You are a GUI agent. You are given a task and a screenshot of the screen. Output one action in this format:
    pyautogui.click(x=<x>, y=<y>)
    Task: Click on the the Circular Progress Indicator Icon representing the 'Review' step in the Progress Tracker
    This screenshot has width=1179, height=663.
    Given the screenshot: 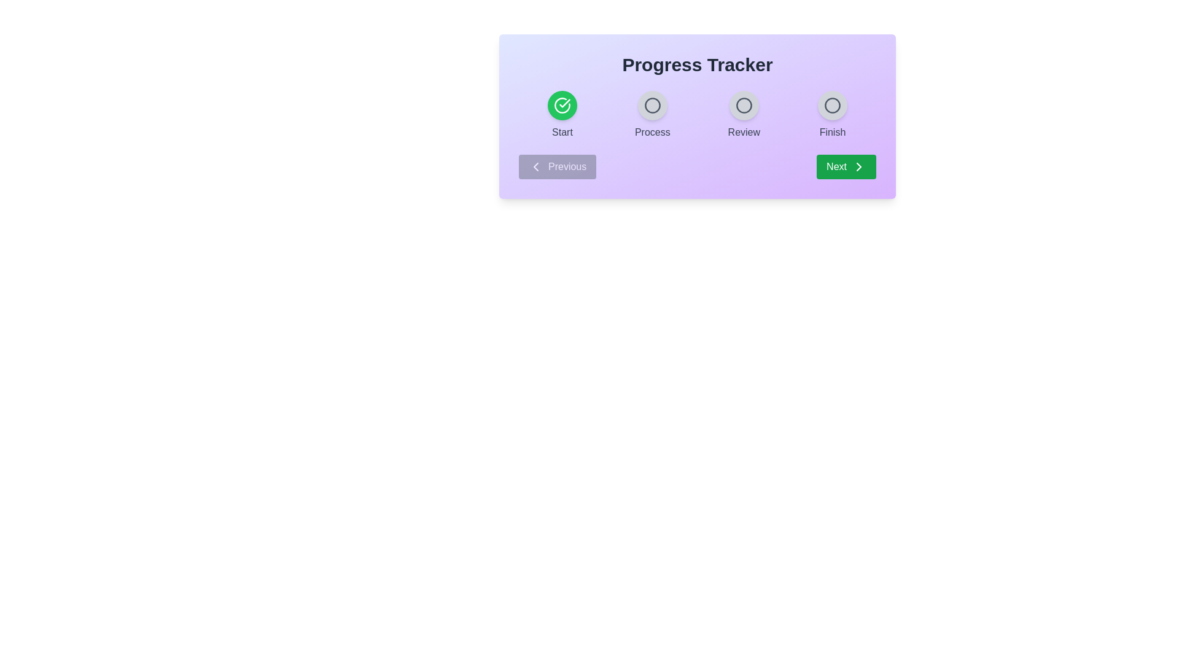 What is the action you would take?
    pyautogui.click(x=743, y=105)
    